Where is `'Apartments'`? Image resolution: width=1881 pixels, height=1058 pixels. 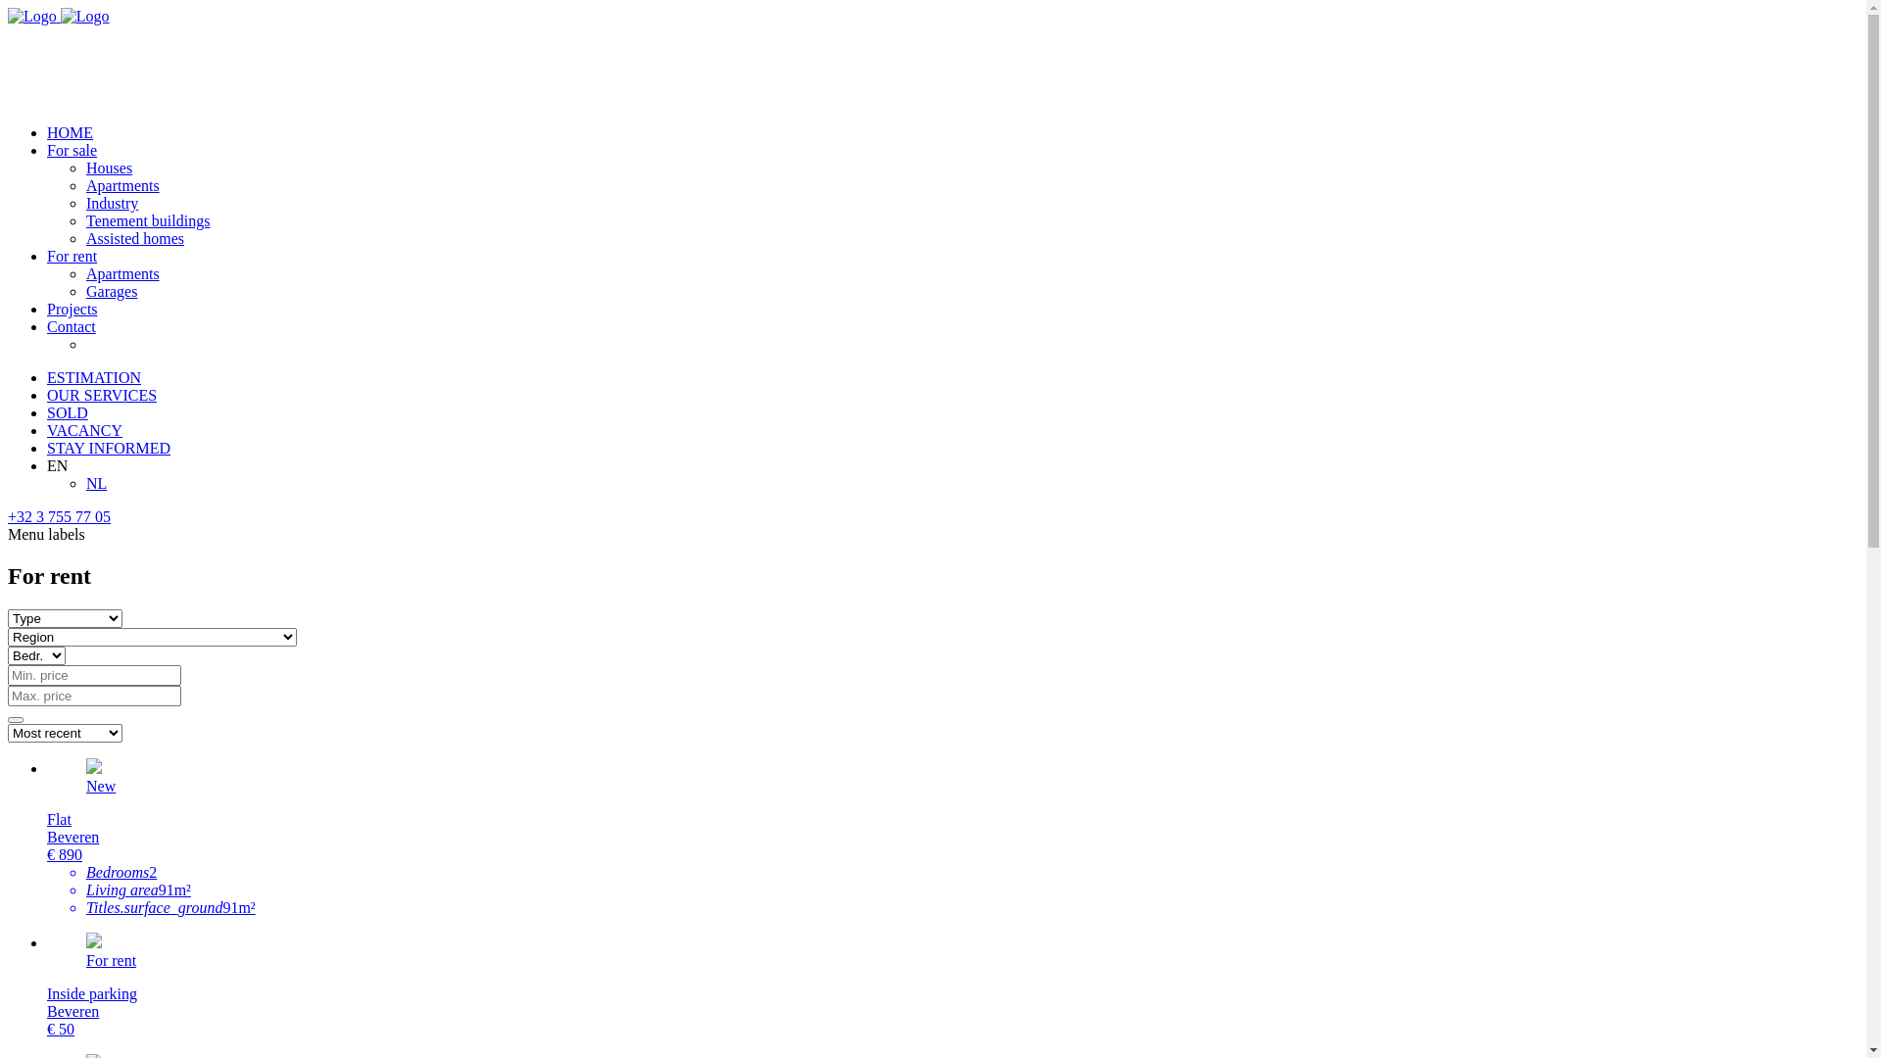 'Apartments' is located at coordinates (121, 185).